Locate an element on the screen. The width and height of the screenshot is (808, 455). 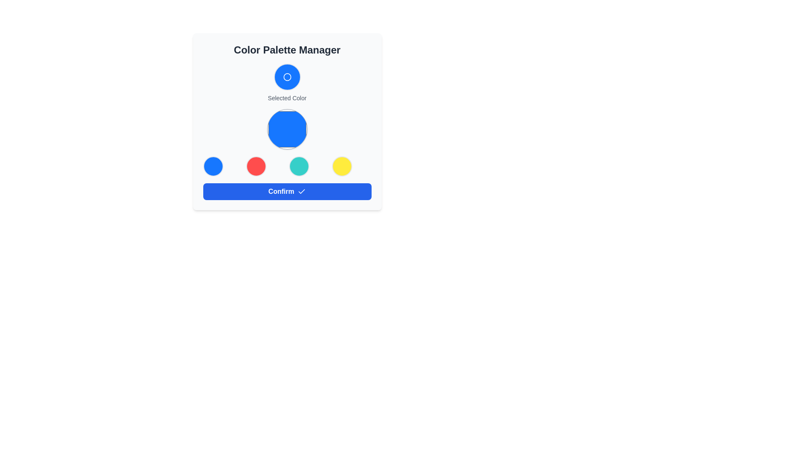
the Circular display element that represents the currently selected color, located above the 'Selected Color' label in the Color Palette Manager section is located at coordinates (287, 77).